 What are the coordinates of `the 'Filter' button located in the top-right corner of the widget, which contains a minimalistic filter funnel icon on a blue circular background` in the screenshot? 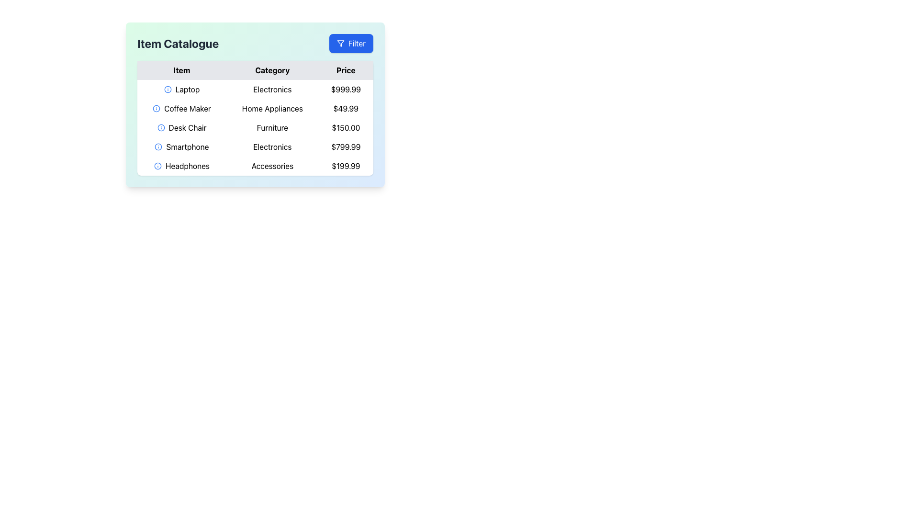 It's located at (340, 44).